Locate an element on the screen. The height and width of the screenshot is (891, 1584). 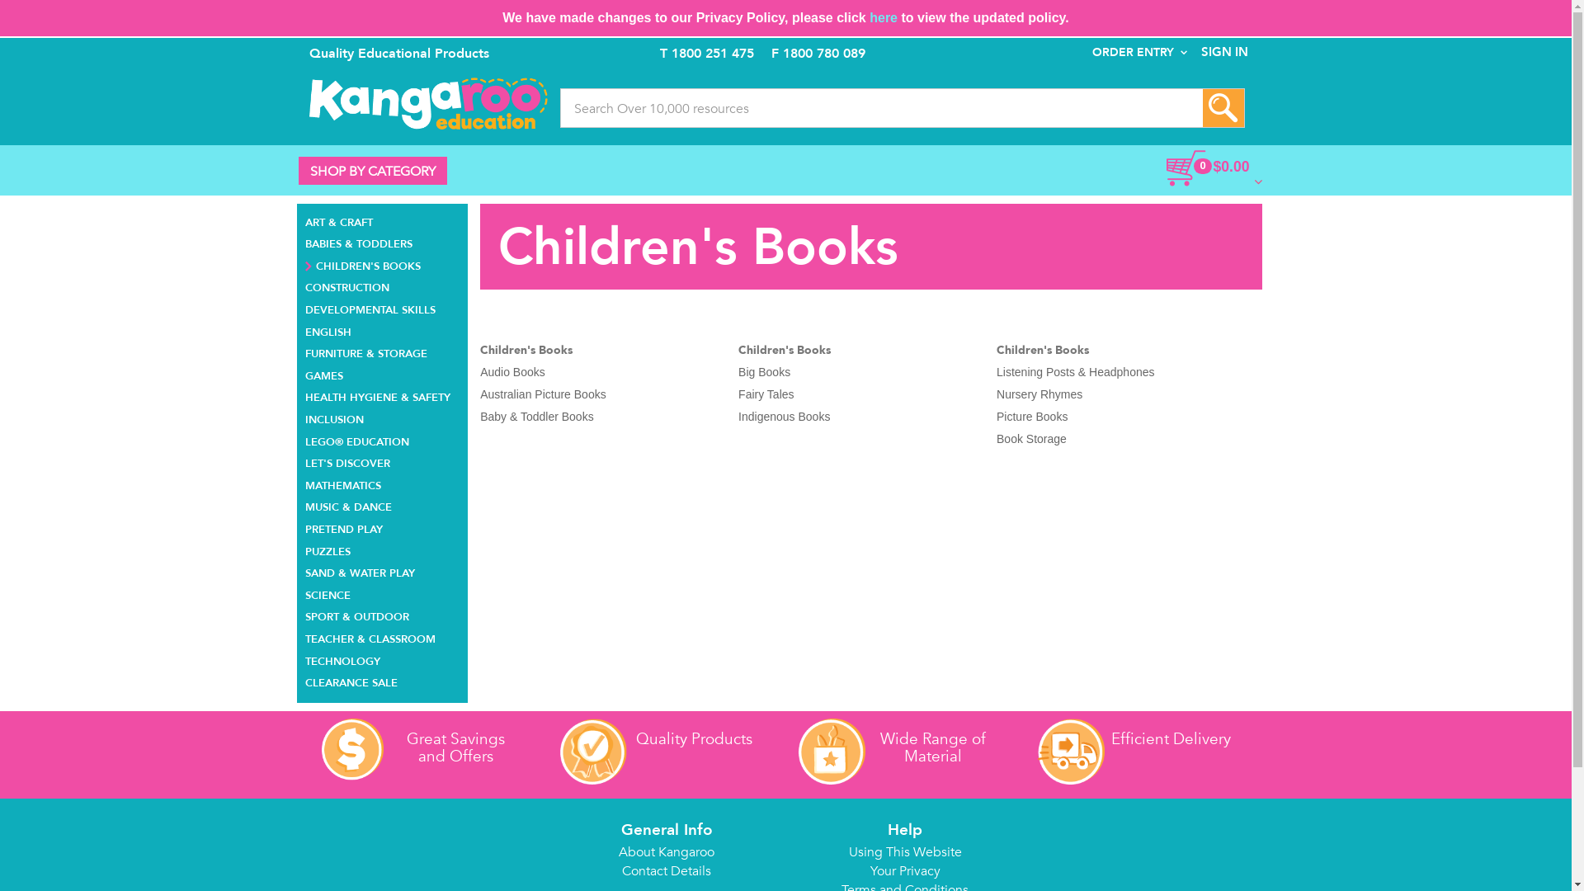
'F 1800 780 089' is located at coordinates (771, 53).